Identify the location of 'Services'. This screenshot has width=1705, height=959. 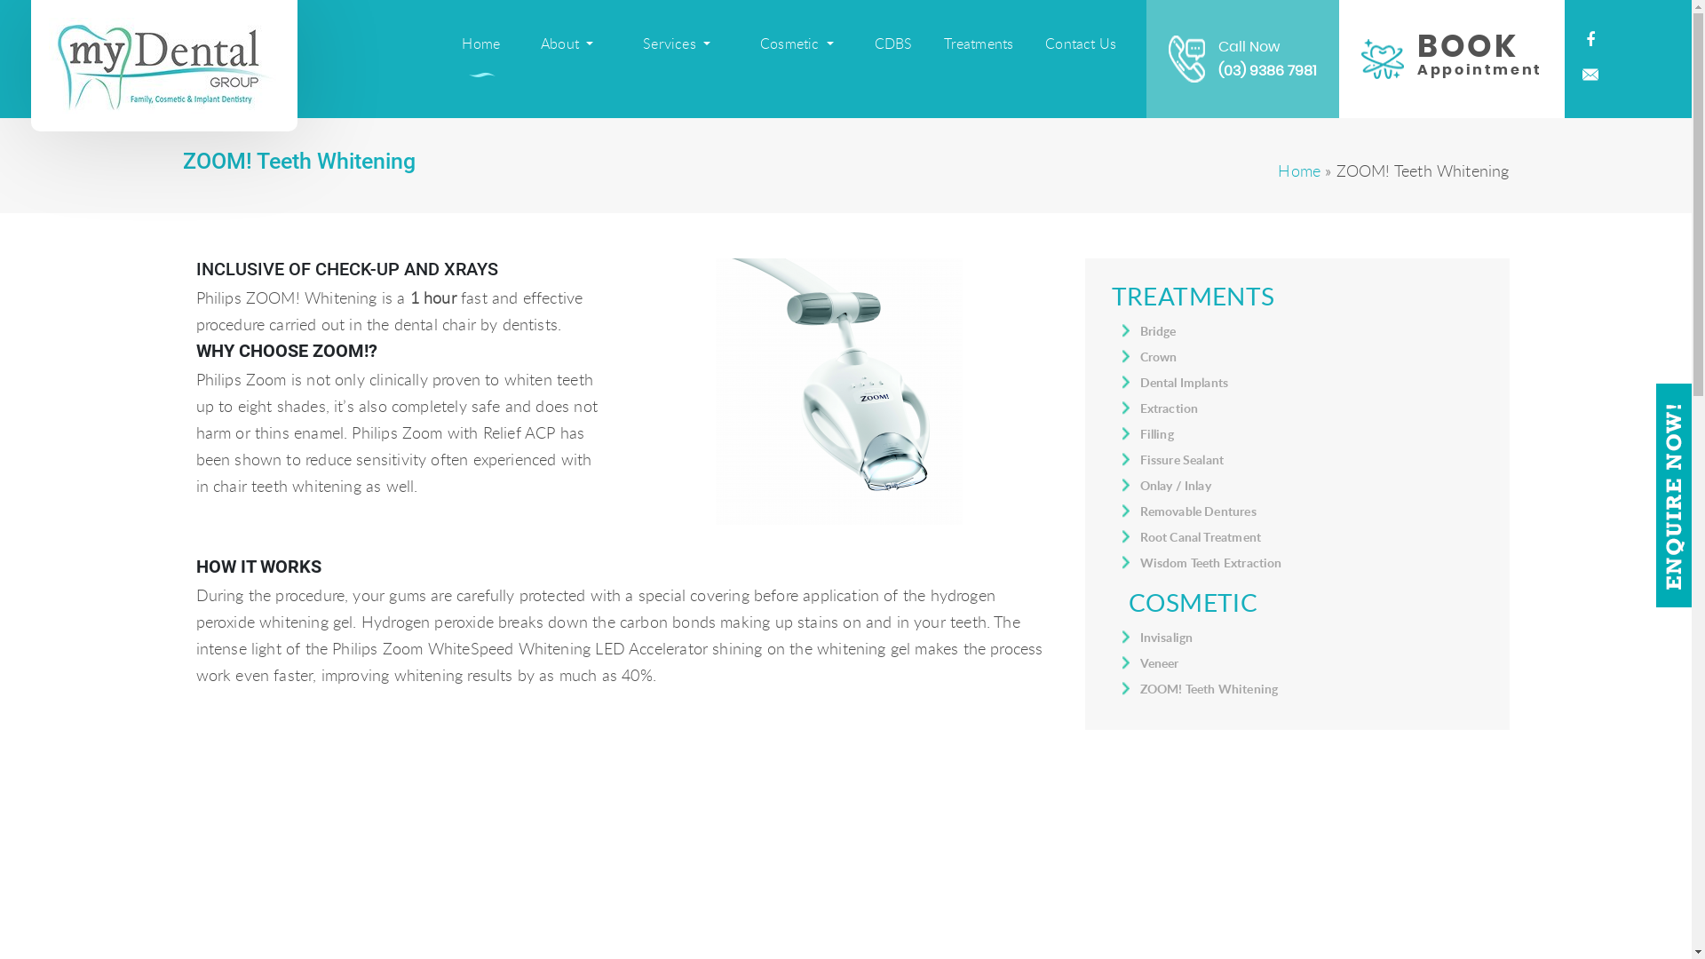
(676, 43).